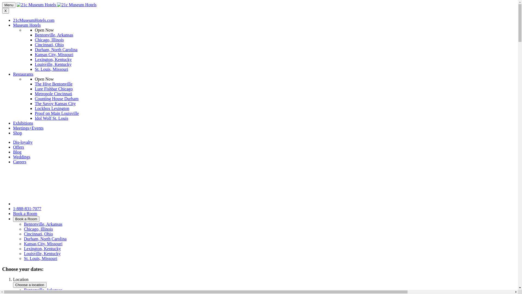  Describe the element at coordinates (53, 93) in the screenshot. I see `'Metropole Cincinnati'` at that location.